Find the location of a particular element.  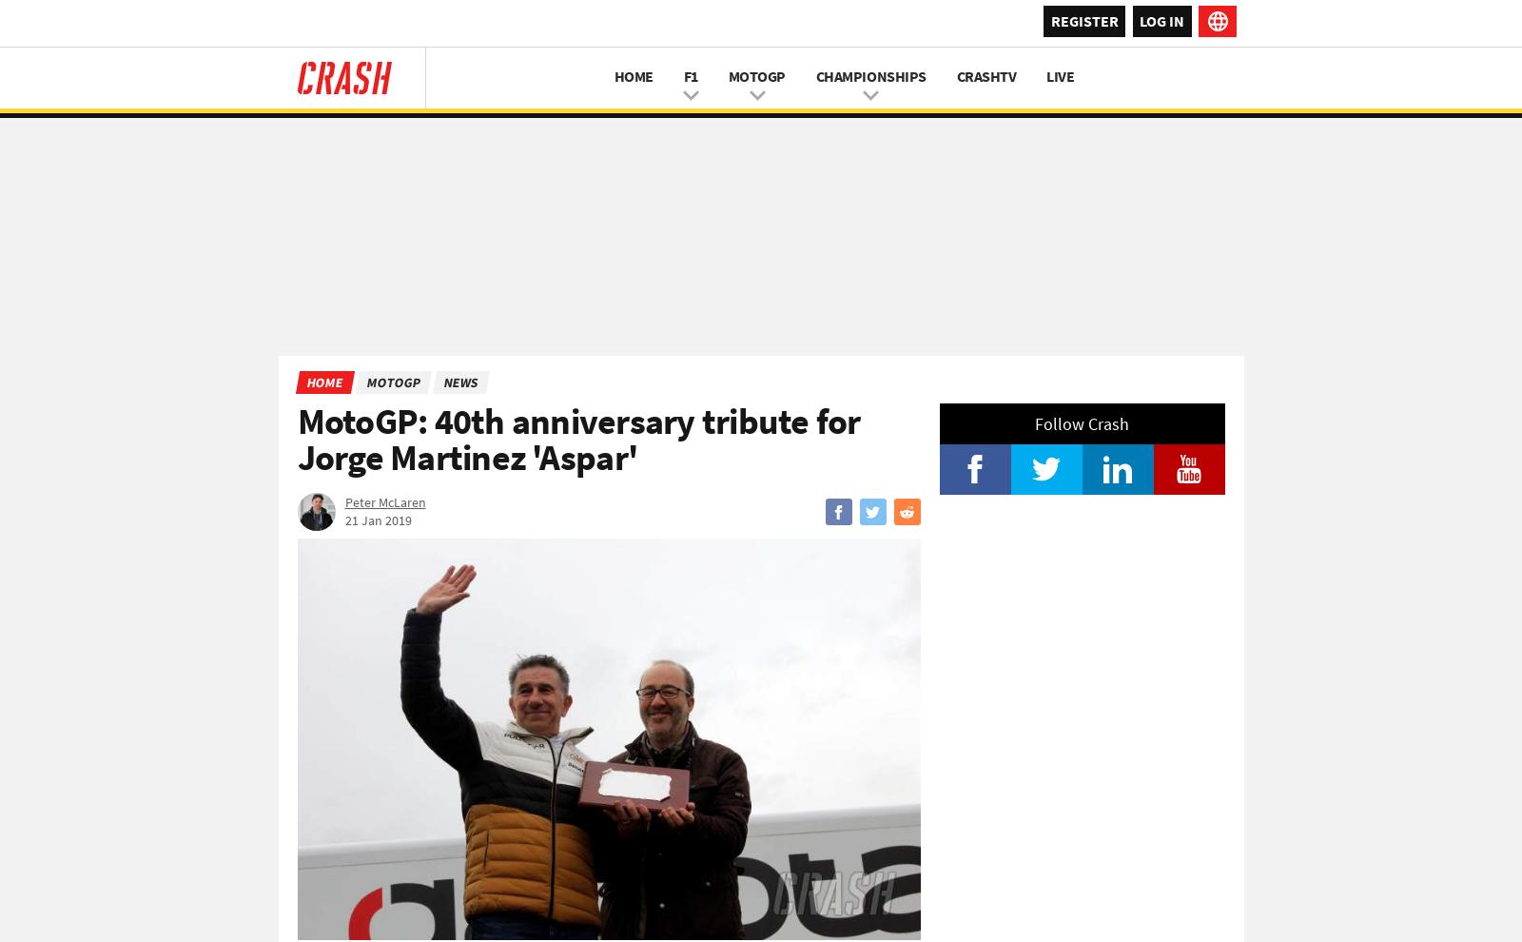

'Home' is located at coordinates (323, 382).